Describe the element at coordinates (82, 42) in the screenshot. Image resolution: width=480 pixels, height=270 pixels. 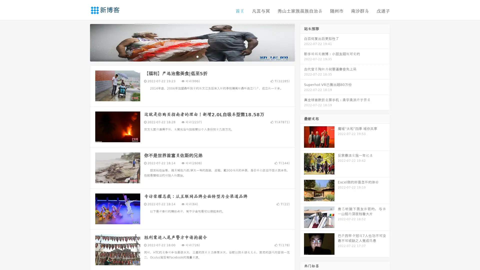
I see `Previous slide` at that location.